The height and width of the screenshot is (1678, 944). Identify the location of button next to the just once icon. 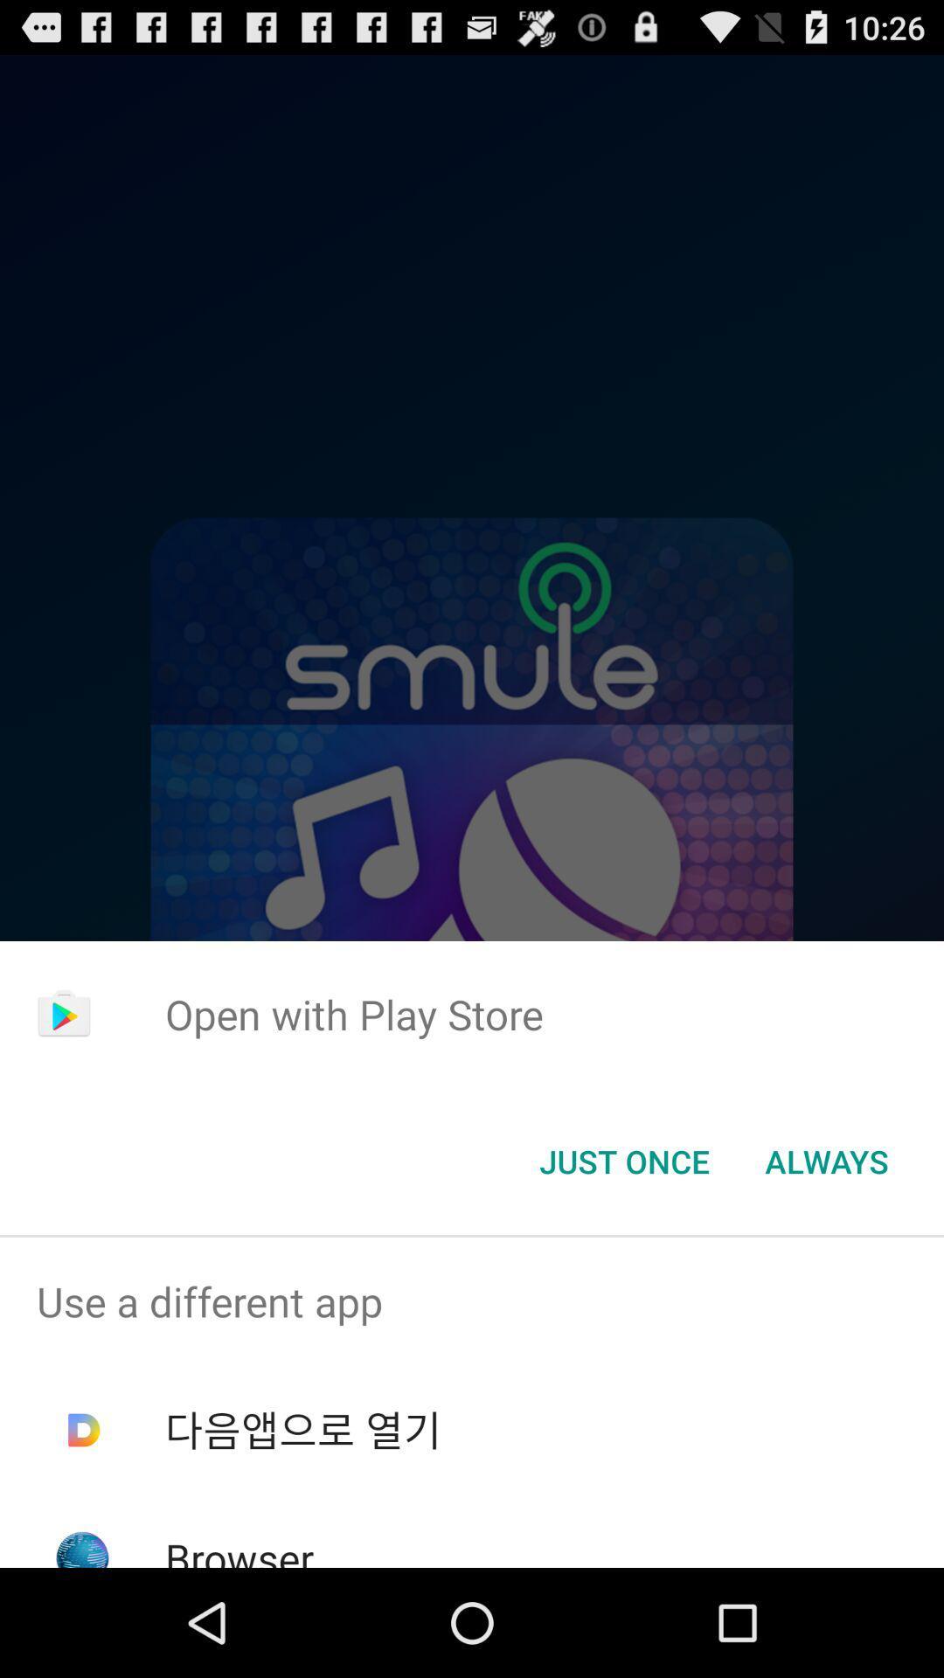
(826, 1161).